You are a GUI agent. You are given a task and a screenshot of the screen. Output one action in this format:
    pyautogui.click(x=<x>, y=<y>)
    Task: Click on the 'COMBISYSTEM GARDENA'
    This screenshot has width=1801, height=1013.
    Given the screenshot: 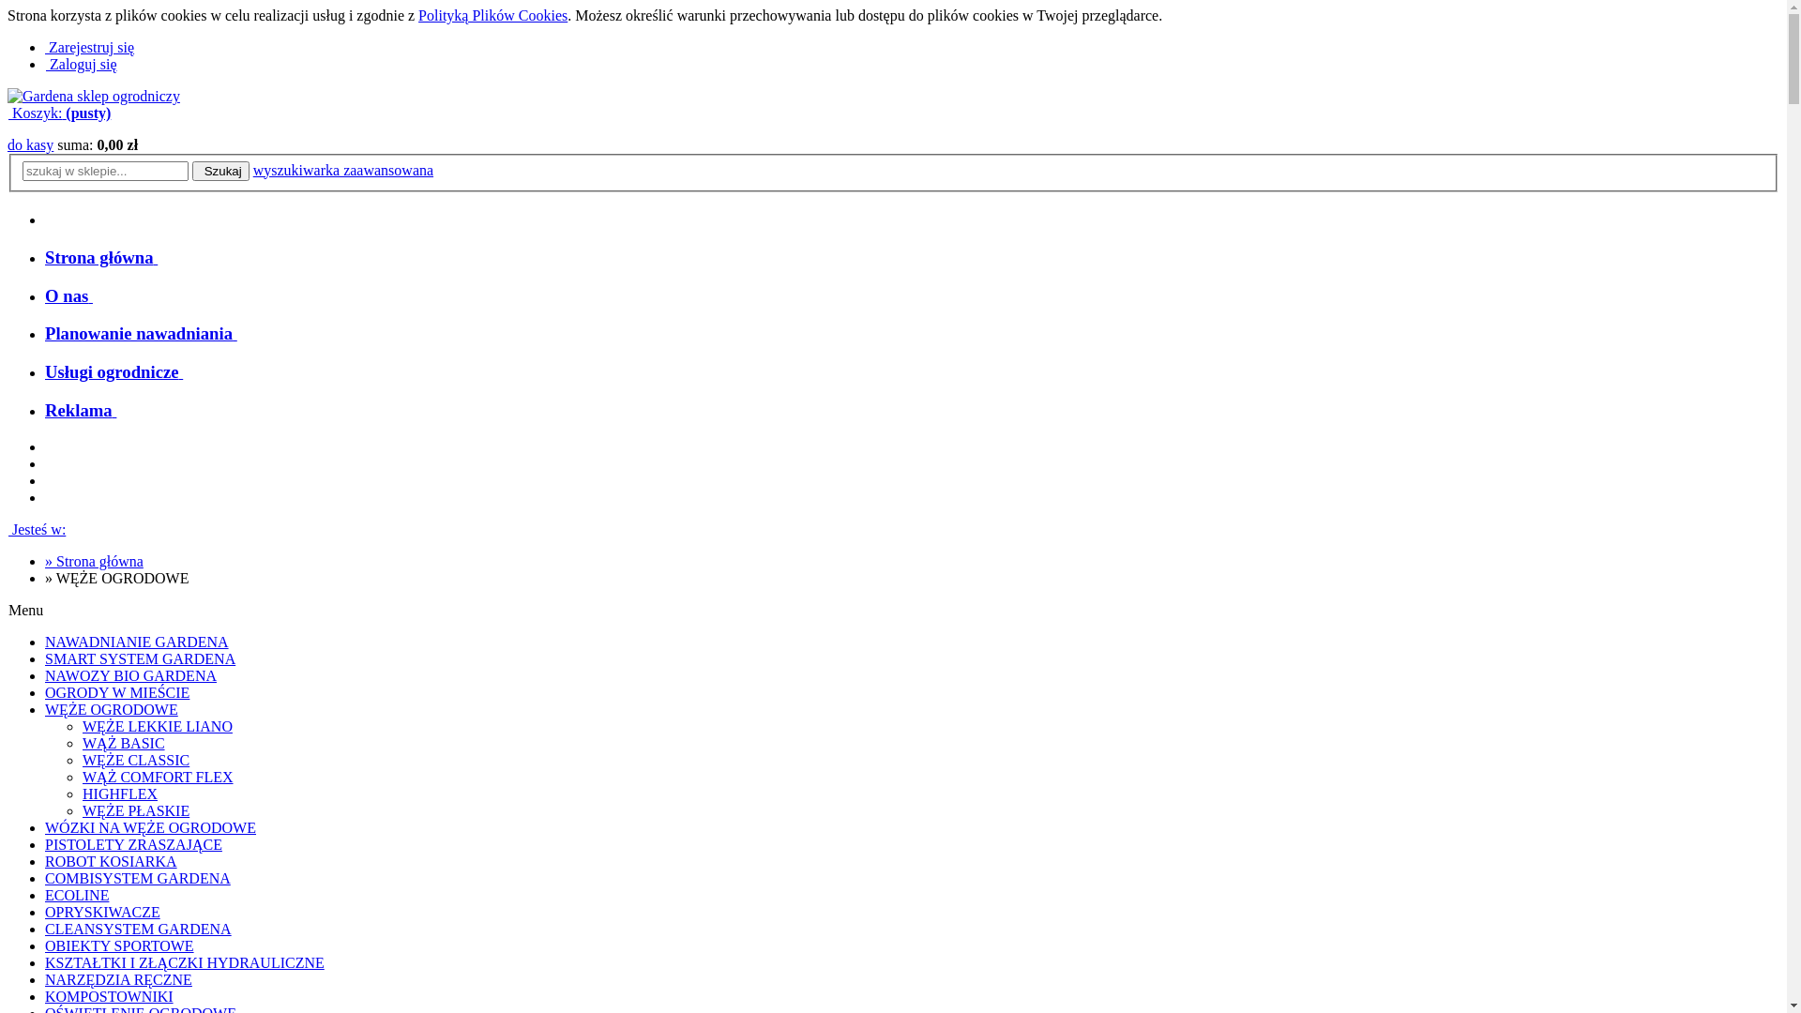 What is the action you would take?
    pyautogui.click(x=137, y=878)
    